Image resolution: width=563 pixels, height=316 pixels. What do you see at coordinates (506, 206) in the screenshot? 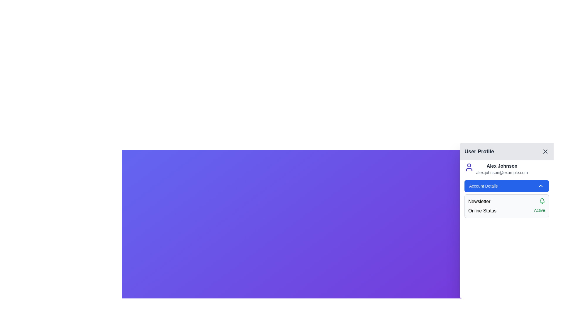
I see `information provided in the Informational panel located in the Account Details section, which includes labels for 'Newsletter' and 'Online Status' with their respective icons and statuses` at bounding box center [506, 206].